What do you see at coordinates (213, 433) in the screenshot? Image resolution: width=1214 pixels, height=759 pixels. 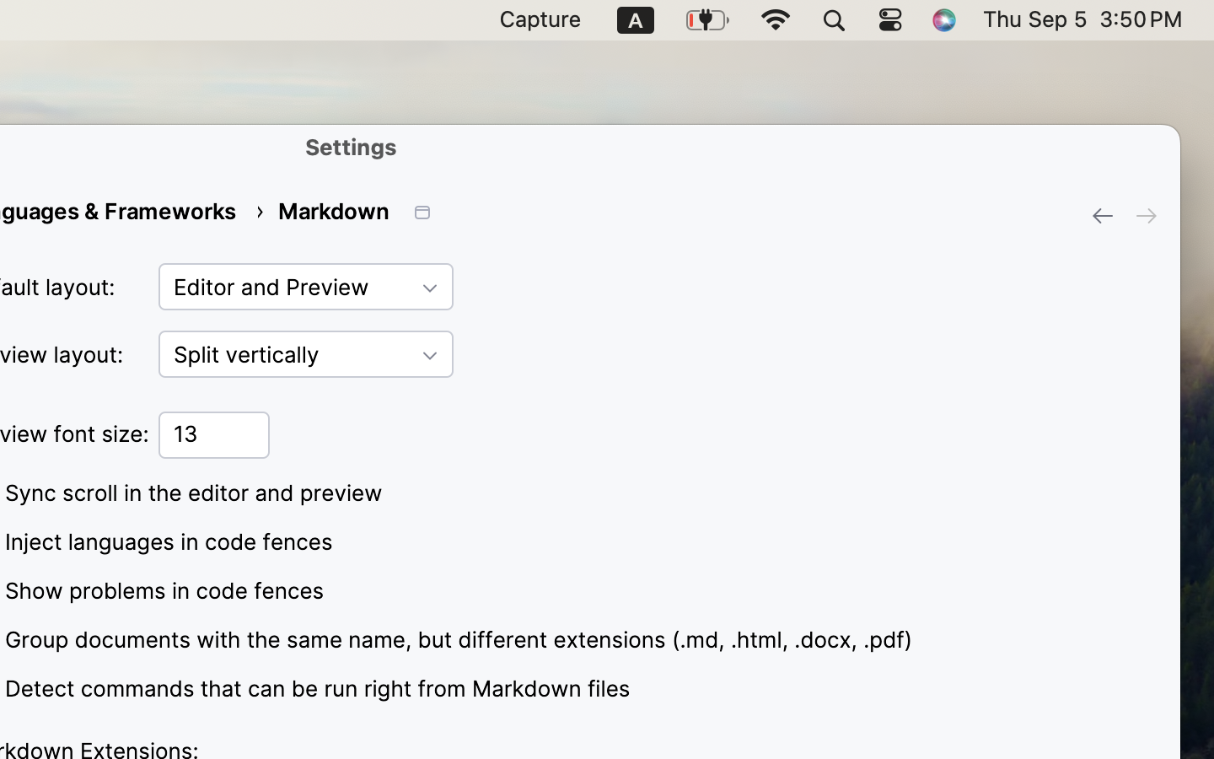 I see `'13'` at bounding box center [213, 433].